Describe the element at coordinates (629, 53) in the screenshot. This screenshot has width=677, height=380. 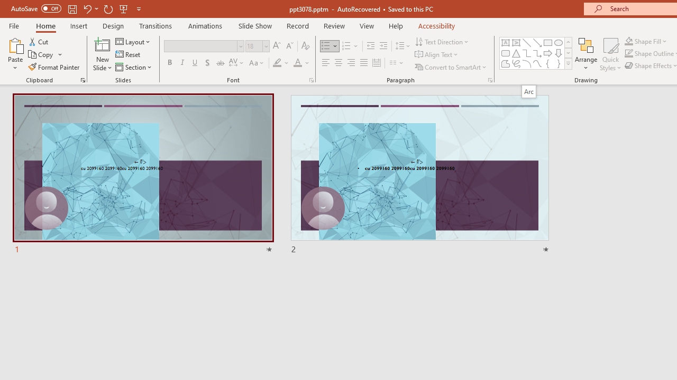
I see `'Shape Outline Green, Accent 1'` at that location.